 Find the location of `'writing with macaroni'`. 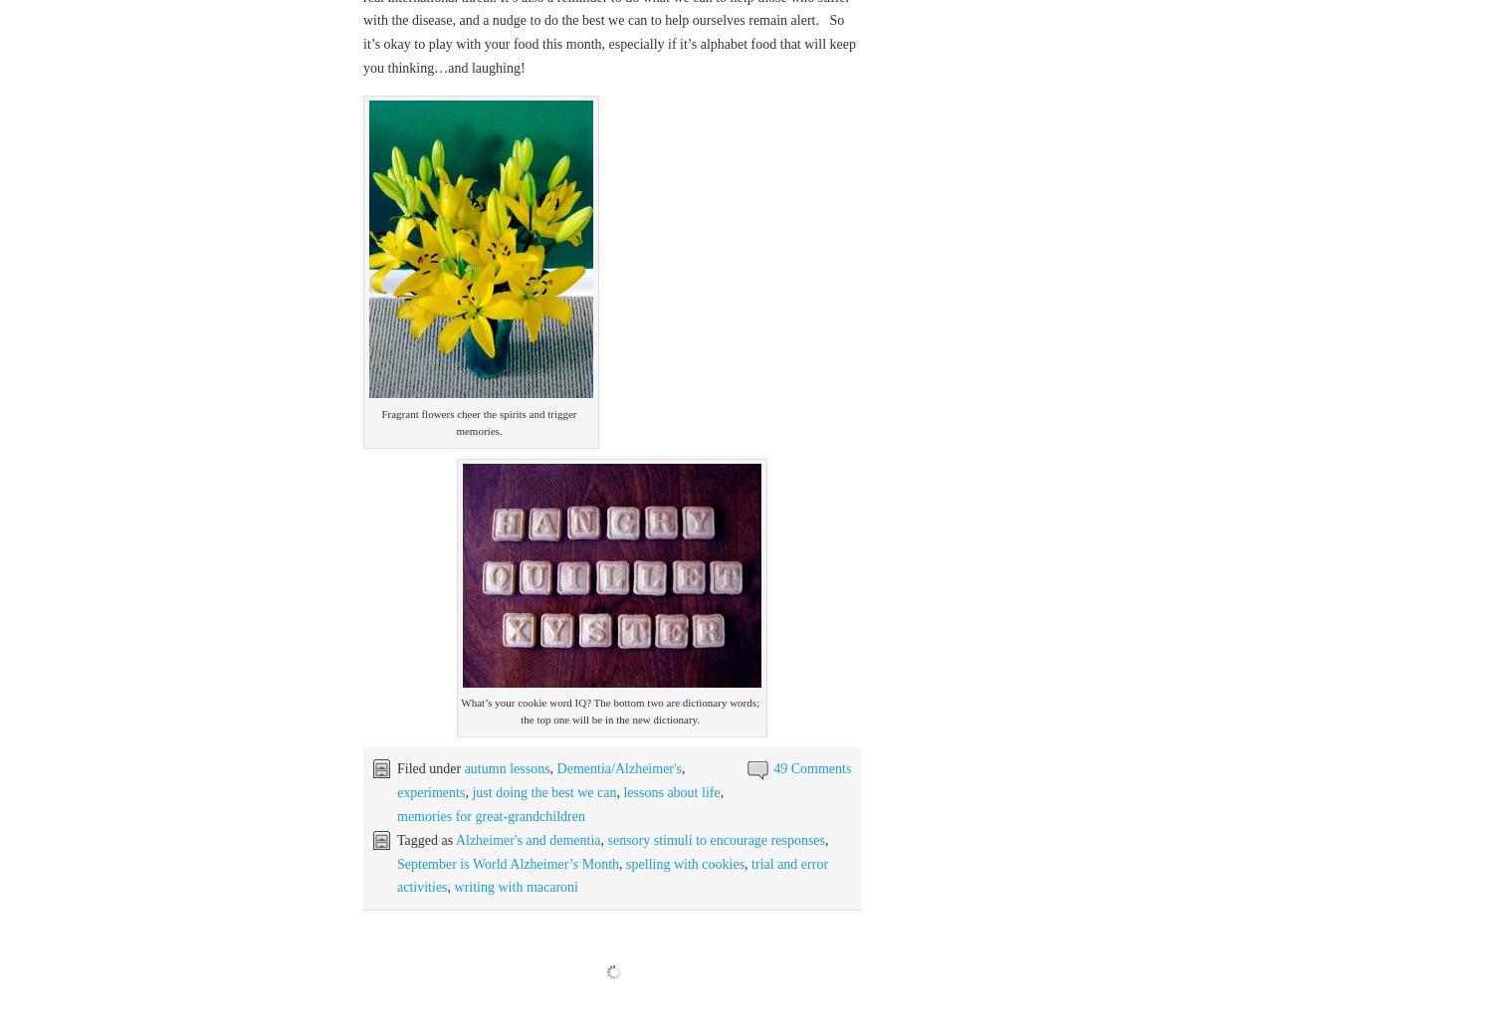

'writing with macaroni' is located at coordinates (515, 886).